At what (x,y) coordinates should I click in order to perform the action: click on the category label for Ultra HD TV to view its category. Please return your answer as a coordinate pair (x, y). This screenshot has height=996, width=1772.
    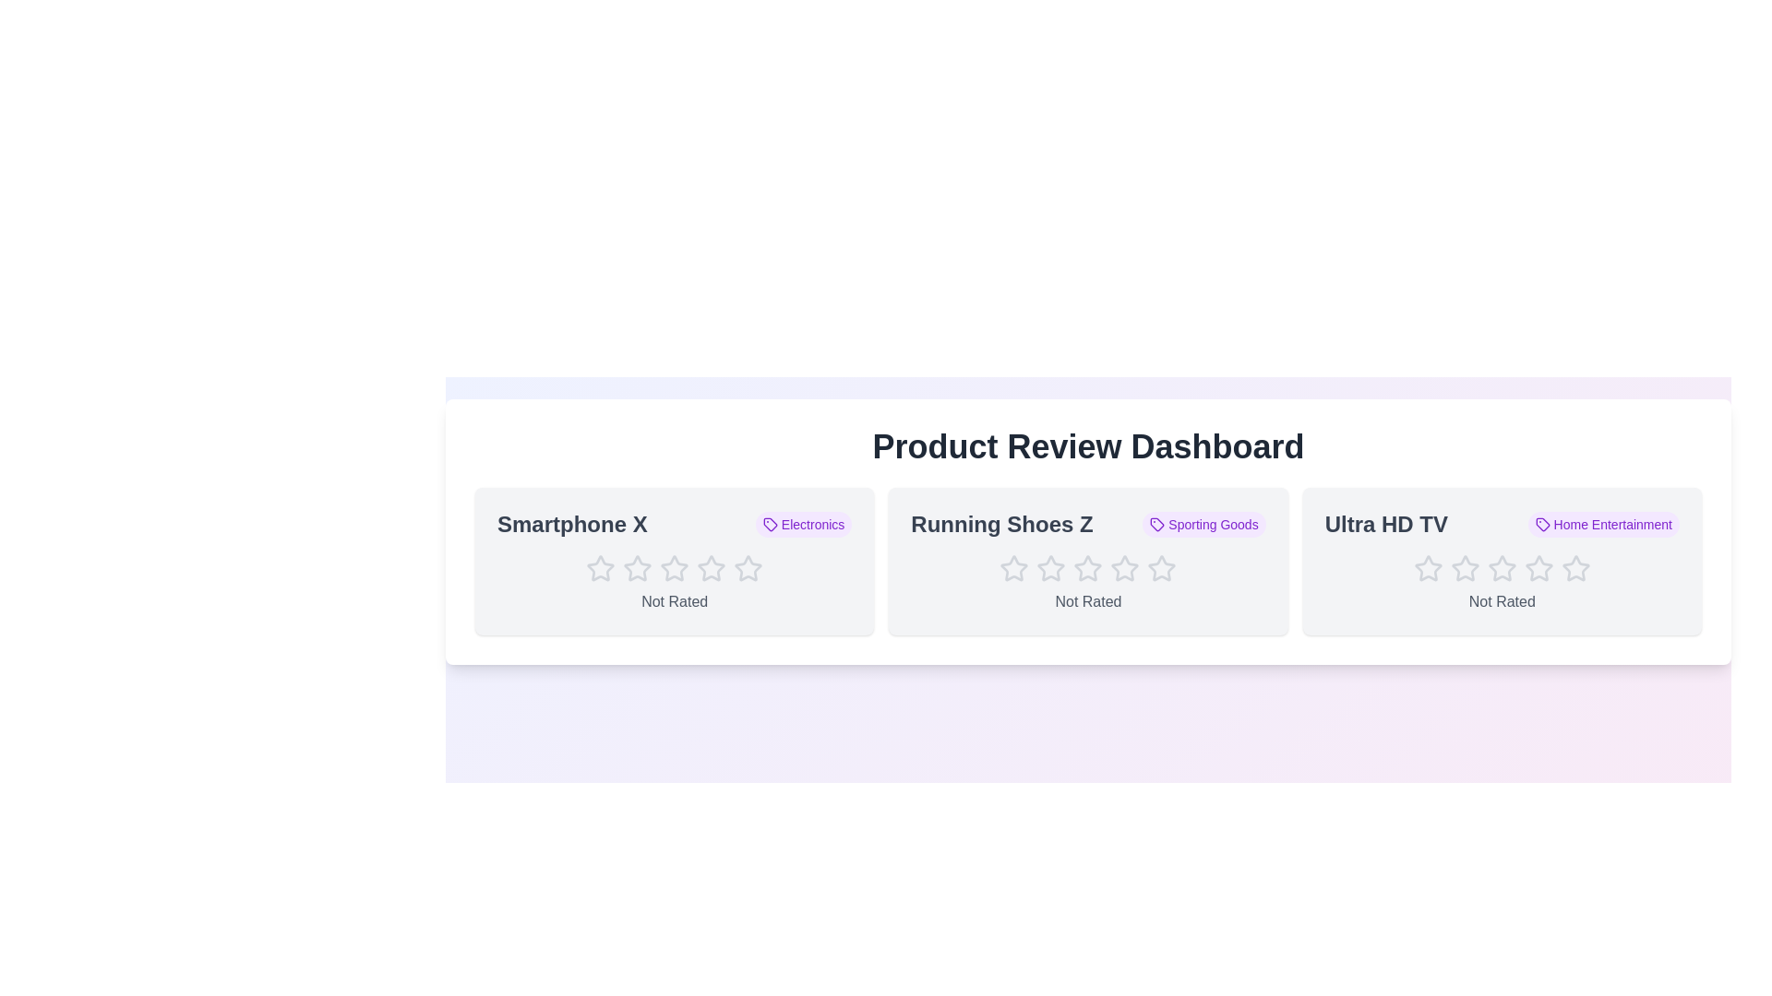
    Looking at the image, I should click on (1602, 525).